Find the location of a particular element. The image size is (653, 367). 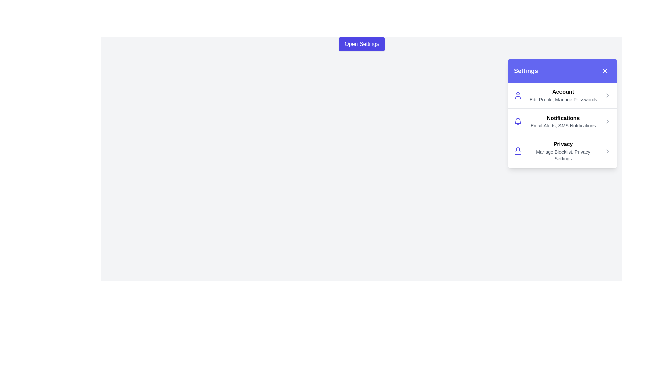

the lock icon component located below the semi-circular arc in the Privacy settings menu, positioned on the right-hand side of the interface is located at coordinates (517, 152).